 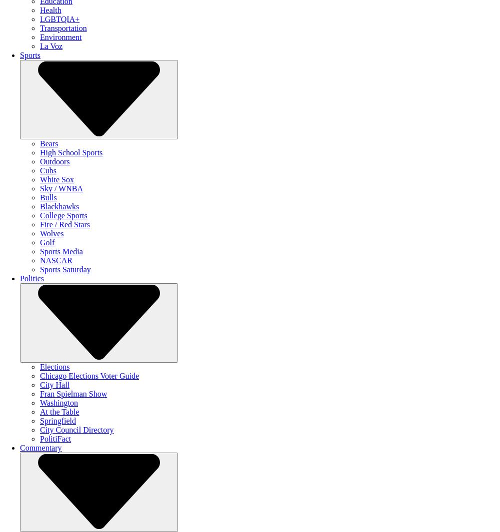 I want to click on 'Elections', so click(x=54, y=367).